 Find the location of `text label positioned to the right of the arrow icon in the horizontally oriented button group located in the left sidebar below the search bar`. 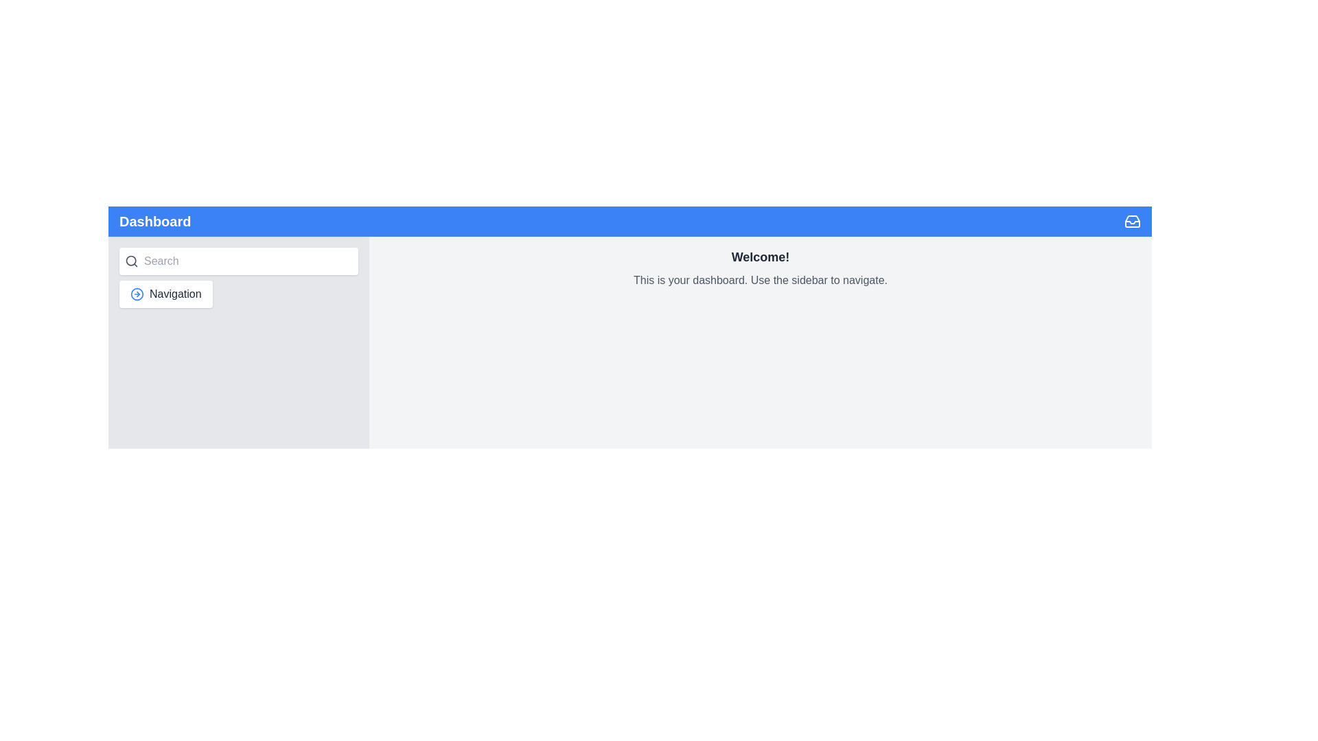

text label positioned to the right of the arrow icon in the horizontally oriented button group located in the left sidebar below the search bar is located at coordinates (174, 293).